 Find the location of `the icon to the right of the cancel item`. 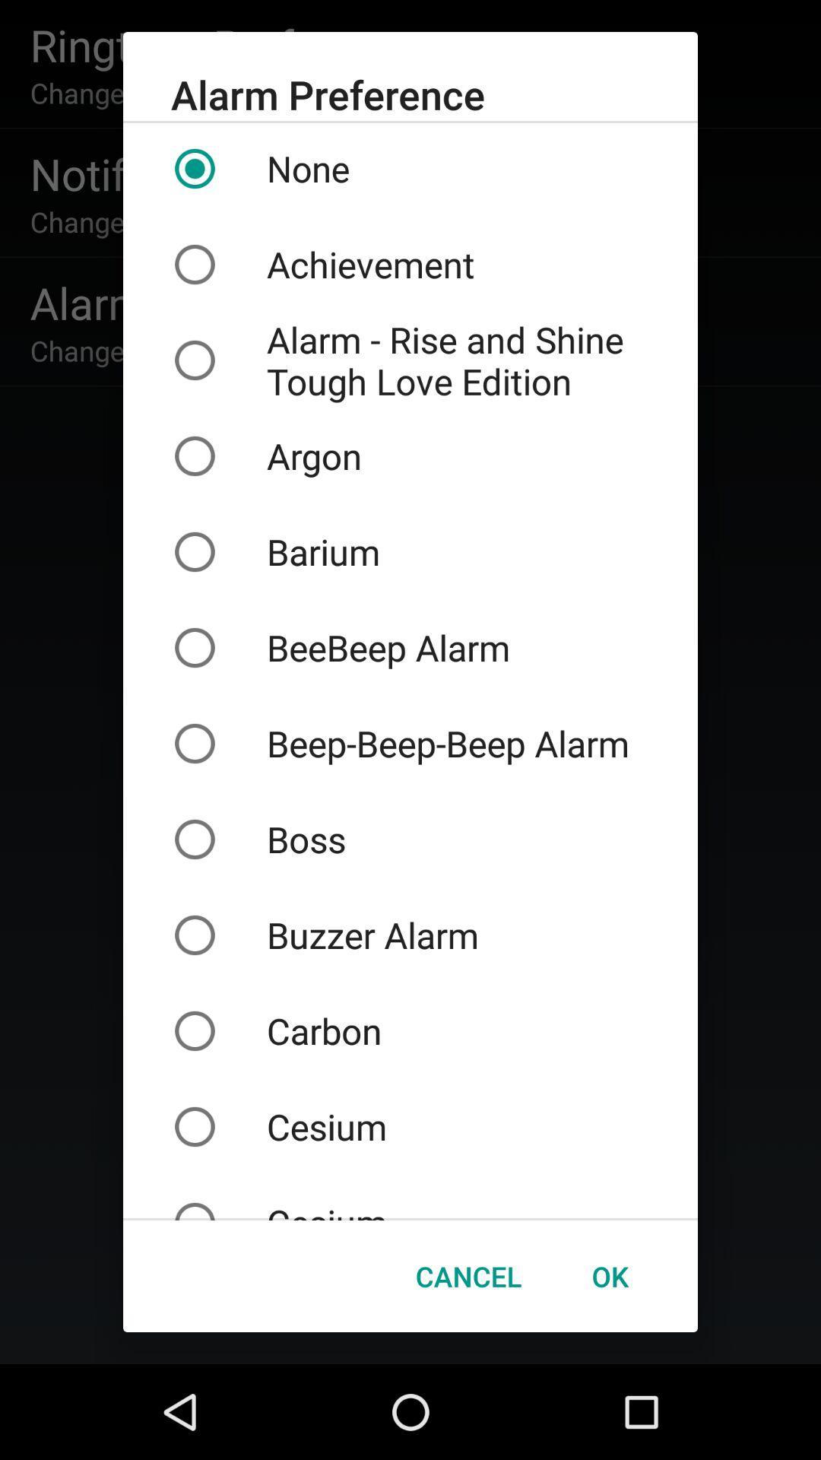

the icon to the right of the cancel item is located at coordinates (609, 1276).